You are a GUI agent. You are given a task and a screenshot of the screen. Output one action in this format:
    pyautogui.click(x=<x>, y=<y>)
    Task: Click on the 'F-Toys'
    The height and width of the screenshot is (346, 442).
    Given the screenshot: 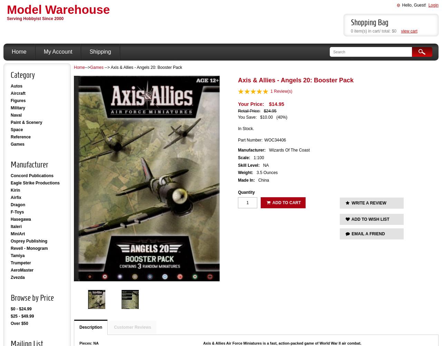 What is the action you would take?
    pyautogui.click(x=17, y=212)
    